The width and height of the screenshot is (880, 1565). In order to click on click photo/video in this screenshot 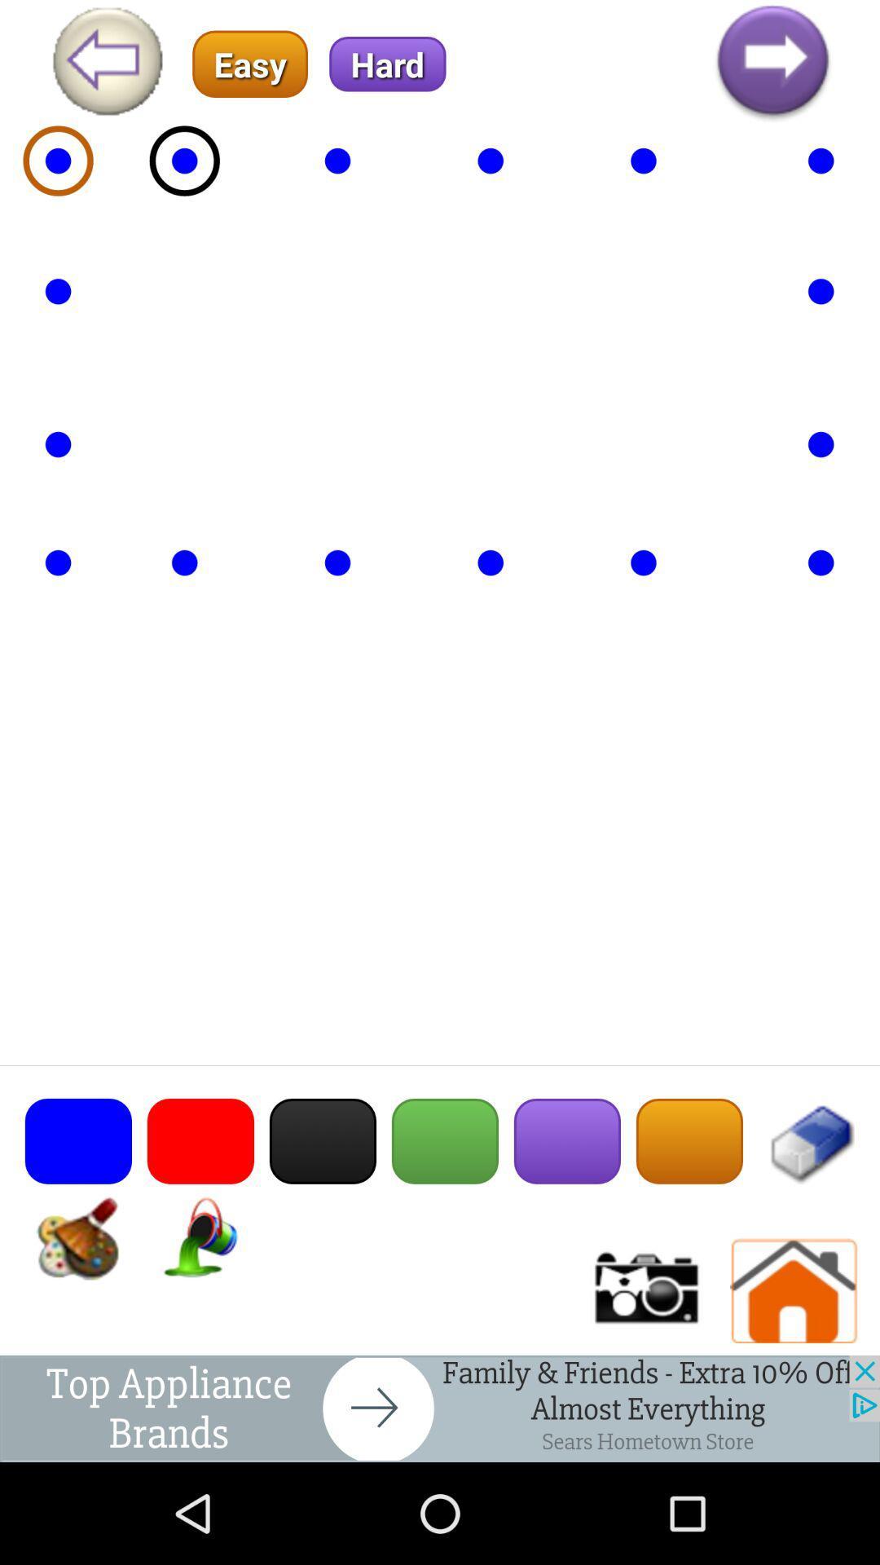, I will do `click(644, 1290)`.